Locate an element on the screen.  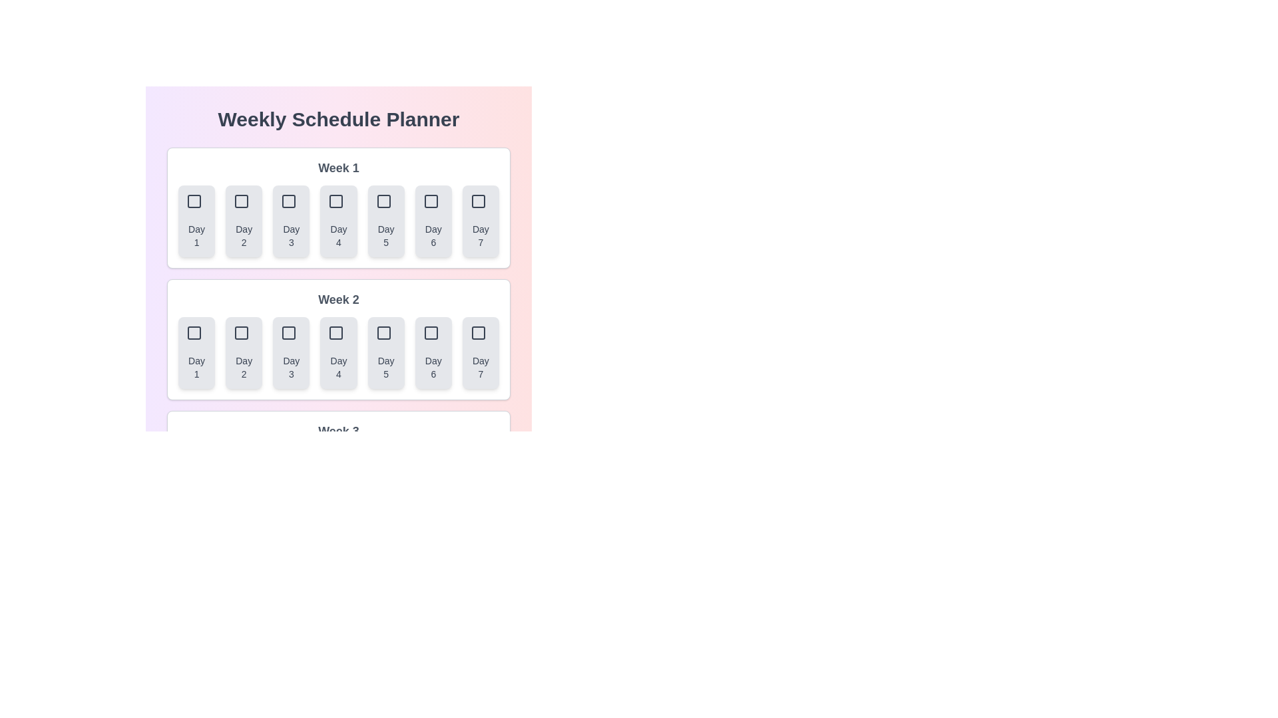
the button corresponding to Week 1 and Day 3 to select that day is located at coordinates (290, 220).